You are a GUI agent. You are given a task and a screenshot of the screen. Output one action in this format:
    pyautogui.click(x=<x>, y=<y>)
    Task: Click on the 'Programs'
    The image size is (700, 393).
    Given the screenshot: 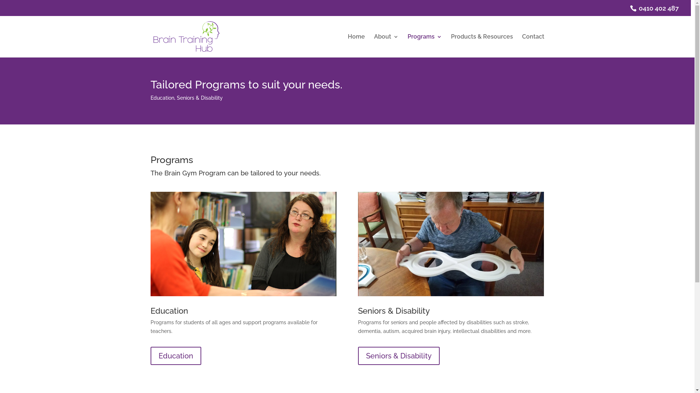 What is the action you would take?
    pyautogui.click(x=425, y=46)
    